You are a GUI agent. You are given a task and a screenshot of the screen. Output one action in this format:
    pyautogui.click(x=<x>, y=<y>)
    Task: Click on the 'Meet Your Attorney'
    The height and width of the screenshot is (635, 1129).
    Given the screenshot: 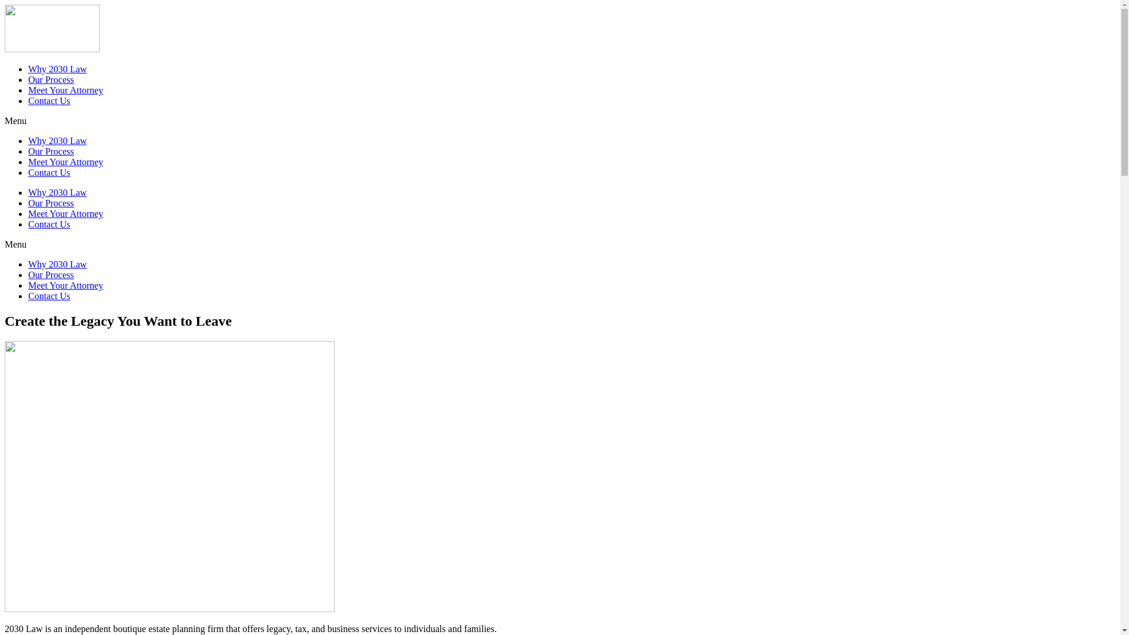 What is the action you would take?
    pyautogui.click(x=65, y=213)
    